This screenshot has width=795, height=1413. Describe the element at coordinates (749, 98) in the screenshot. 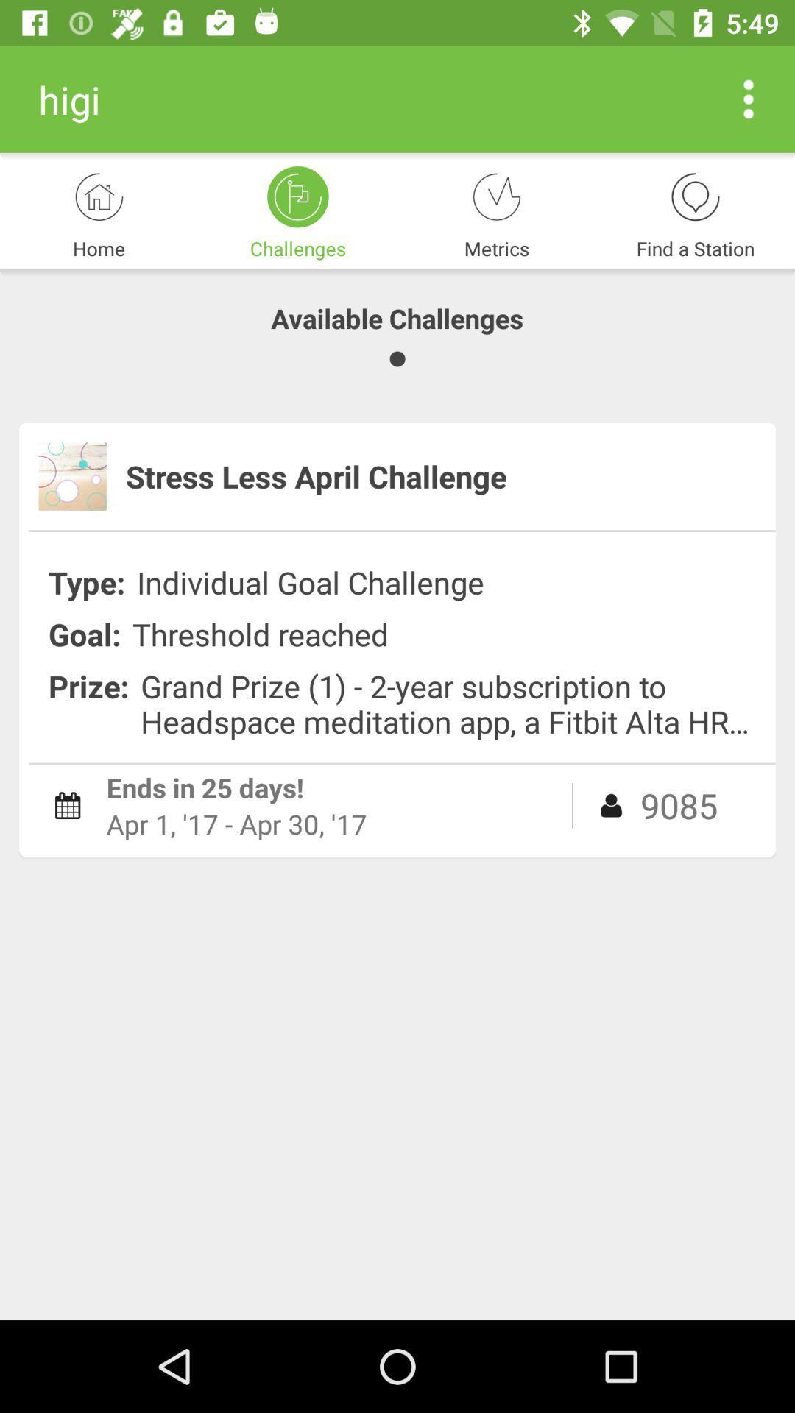

I see `the more icon` at that location.